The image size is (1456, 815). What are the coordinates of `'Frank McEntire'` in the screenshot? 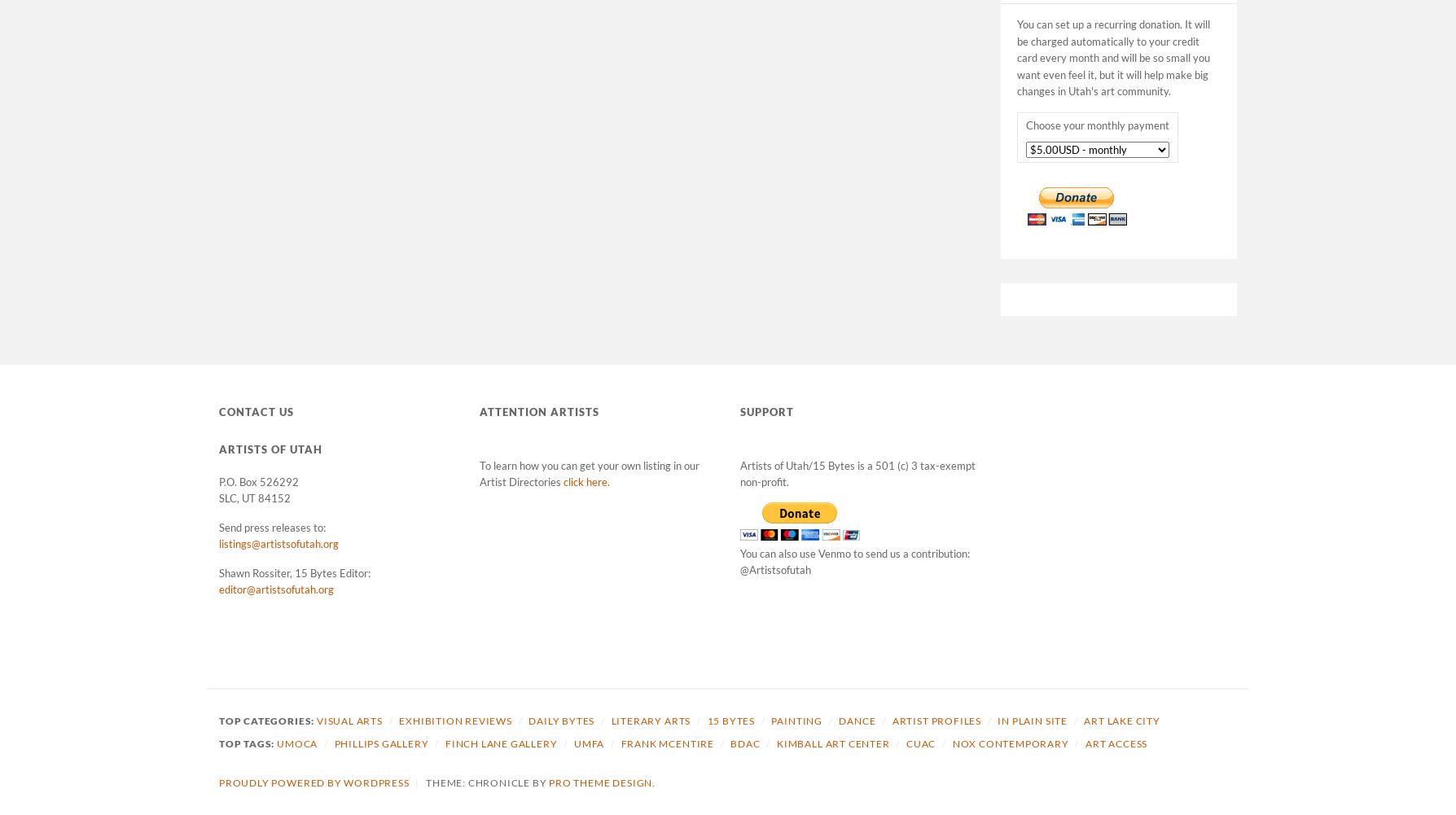 It's located at (666, 743).